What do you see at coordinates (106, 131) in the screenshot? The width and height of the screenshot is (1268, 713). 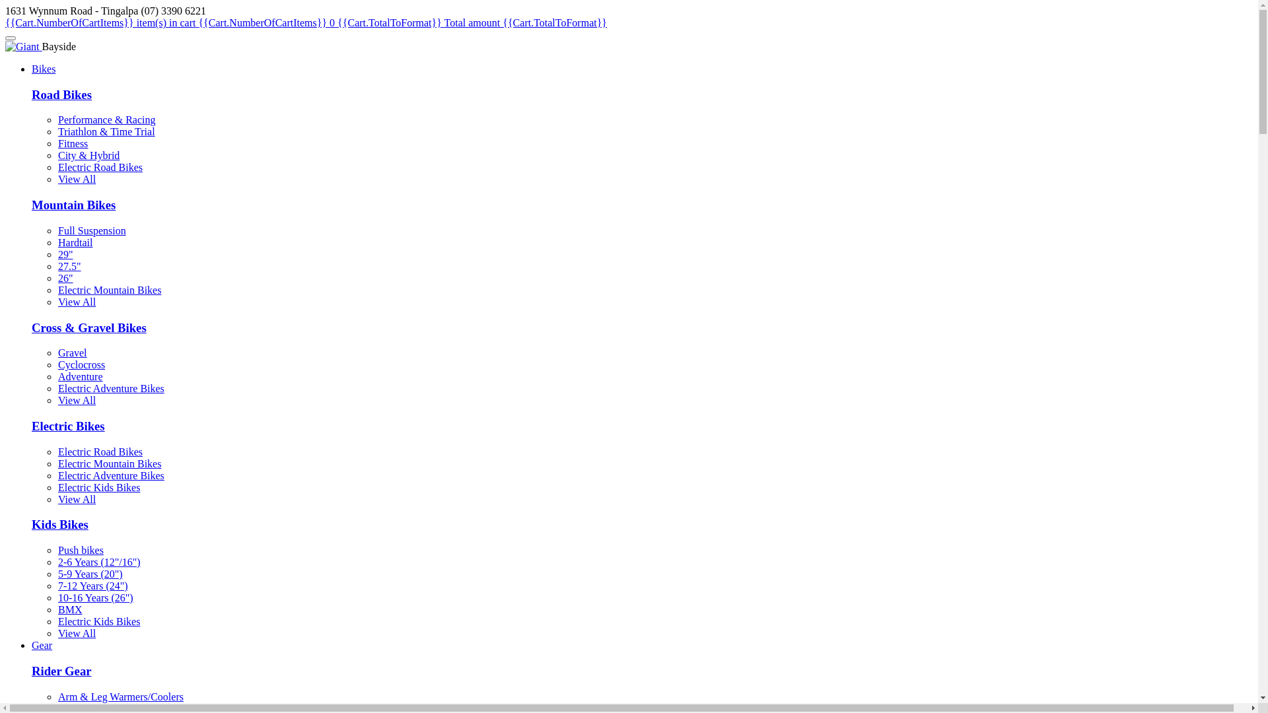 I see `'Triathlon & Time Trial'` at bounding box center [106, 131].